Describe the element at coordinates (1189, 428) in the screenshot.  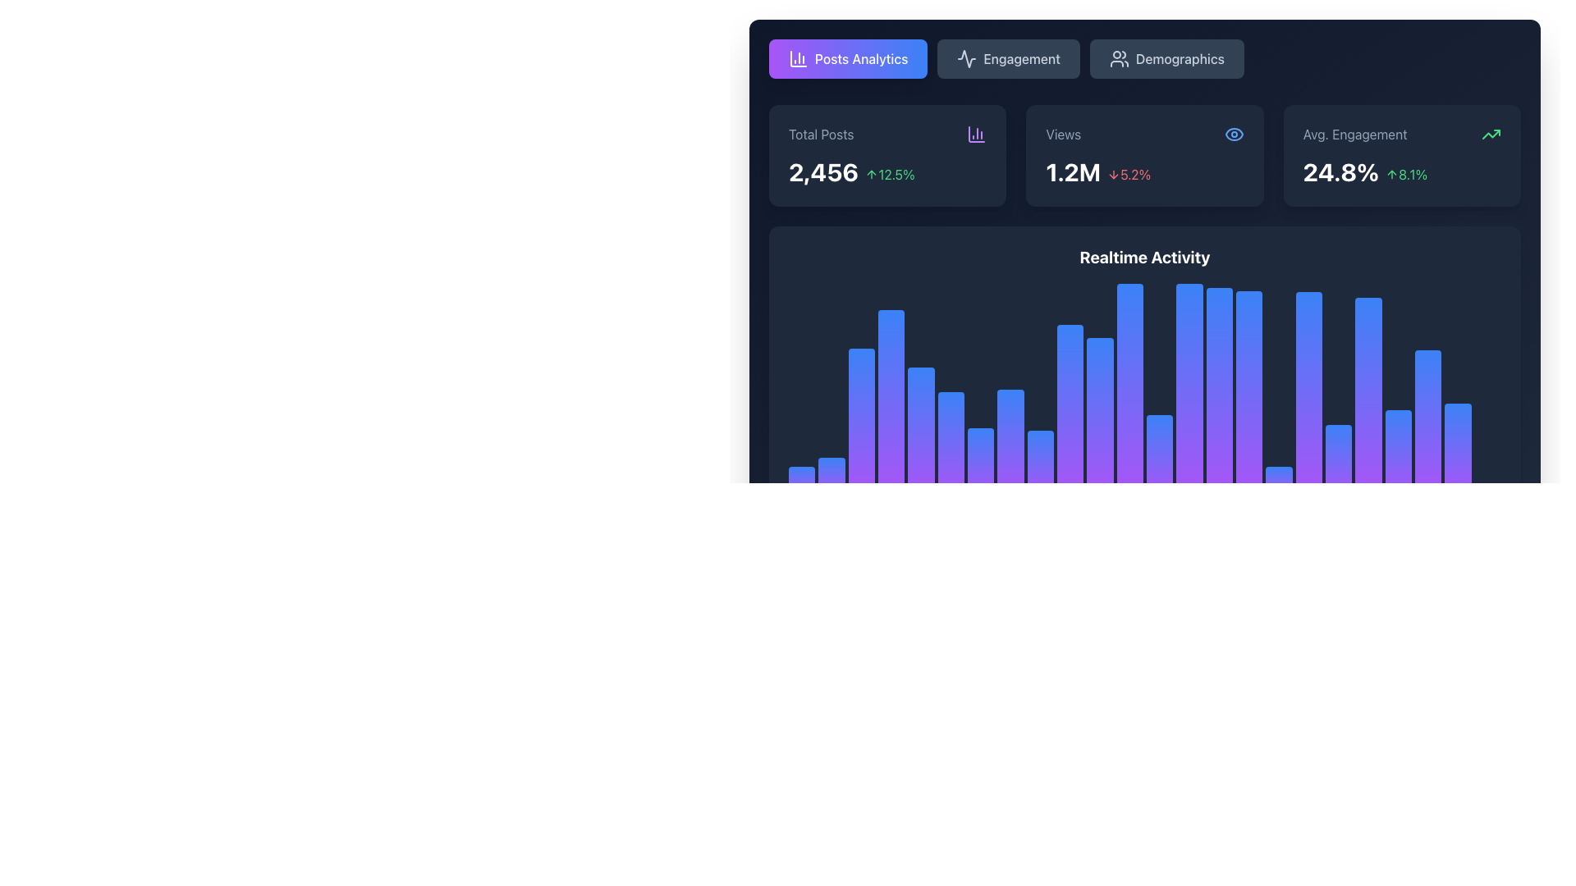
I see `the 14th vertical bar in the bar chart, which has a gradient from blue to purple` at that location.